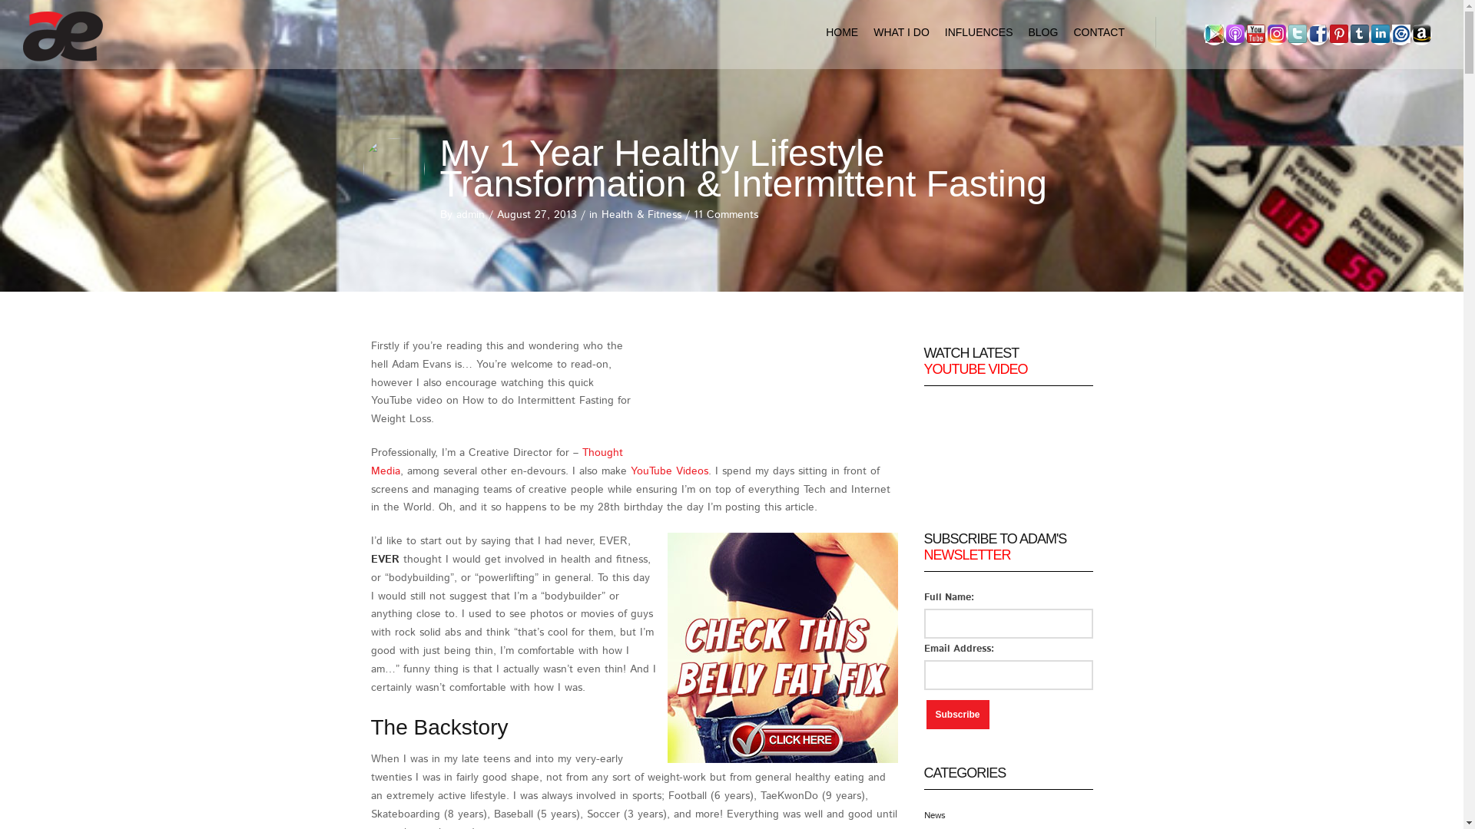 The image size is (1475, 829). Describe the element at coordinates (688, 470) in the screenshot. I see `' Videos'` at that location.